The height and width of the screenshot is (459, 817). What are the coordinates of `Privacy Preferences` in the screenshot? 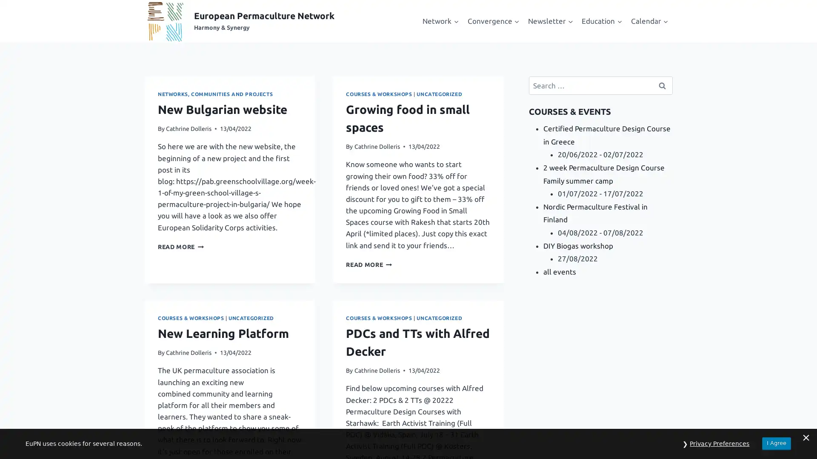 It's located at (720, 443).